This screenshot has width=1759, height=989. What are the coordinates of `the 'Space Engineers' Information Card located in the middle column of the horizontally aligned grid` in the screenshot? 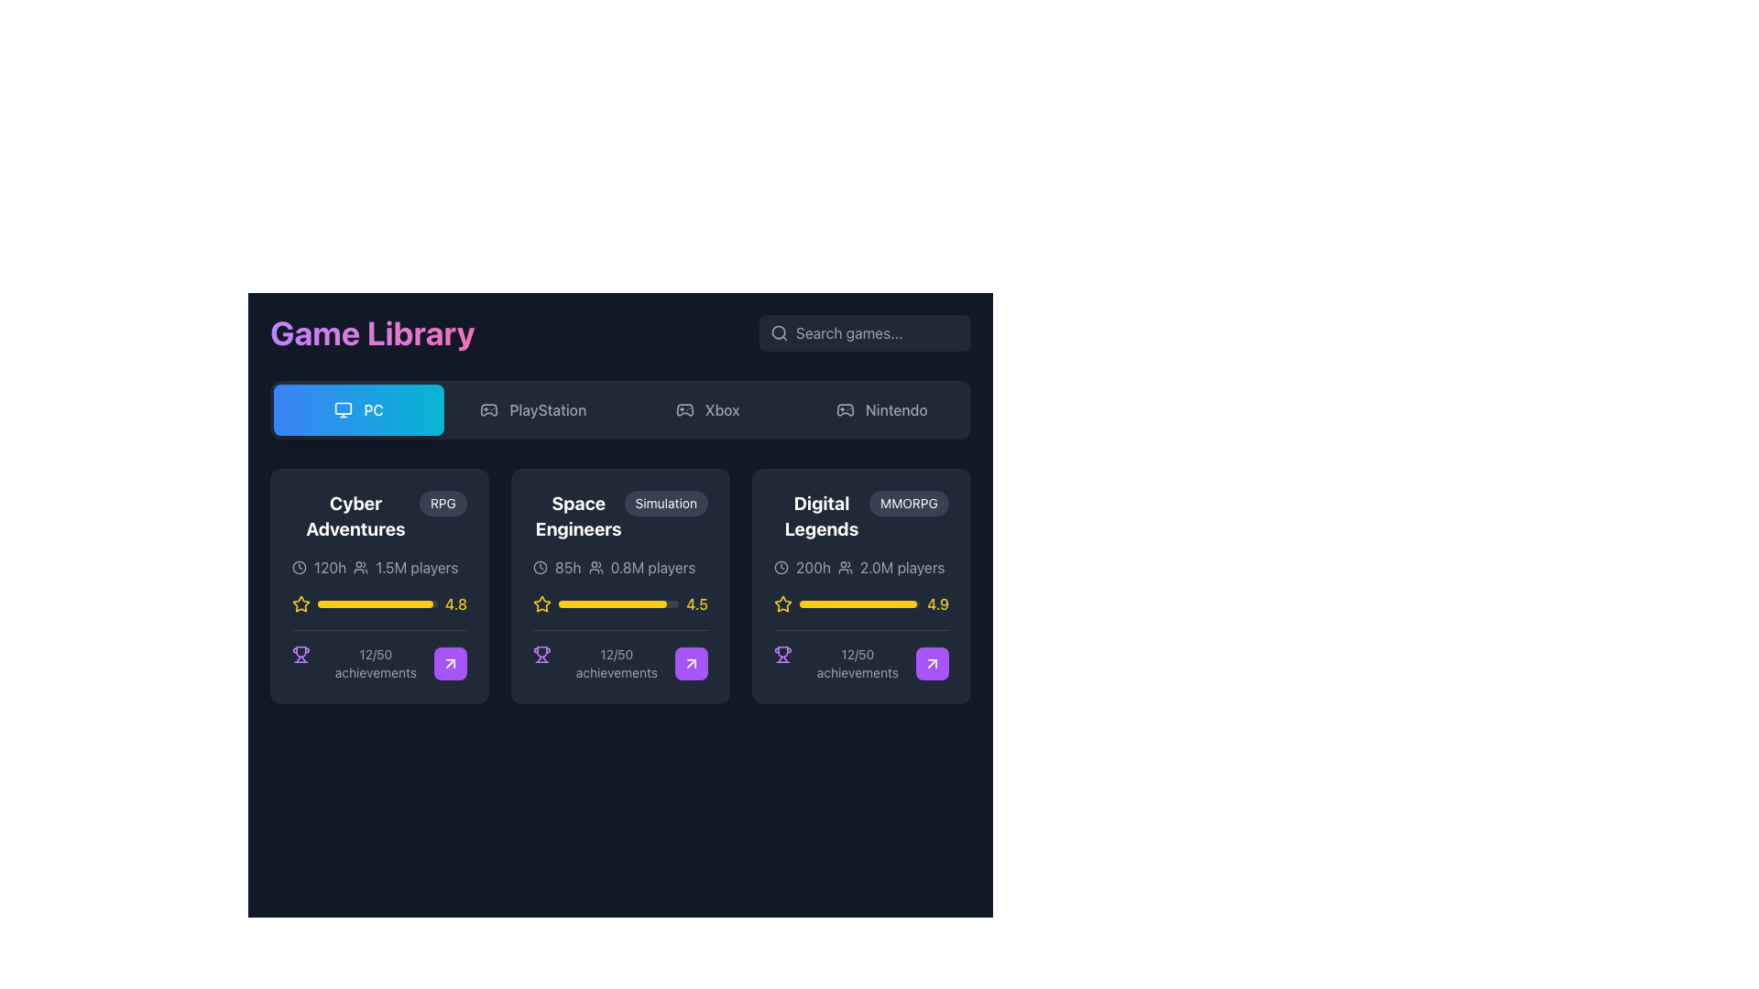 It's located at (620, 586).